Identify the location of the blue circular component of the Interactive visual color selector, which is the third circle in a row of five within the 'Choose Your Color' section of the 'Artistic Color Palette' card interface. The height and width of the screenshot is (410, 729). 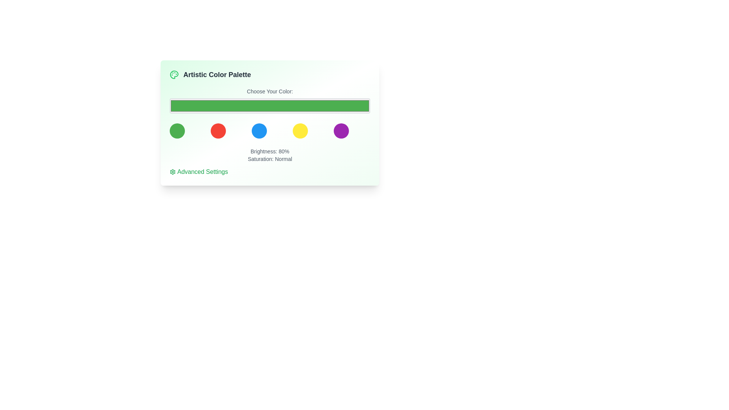
(270, 130).